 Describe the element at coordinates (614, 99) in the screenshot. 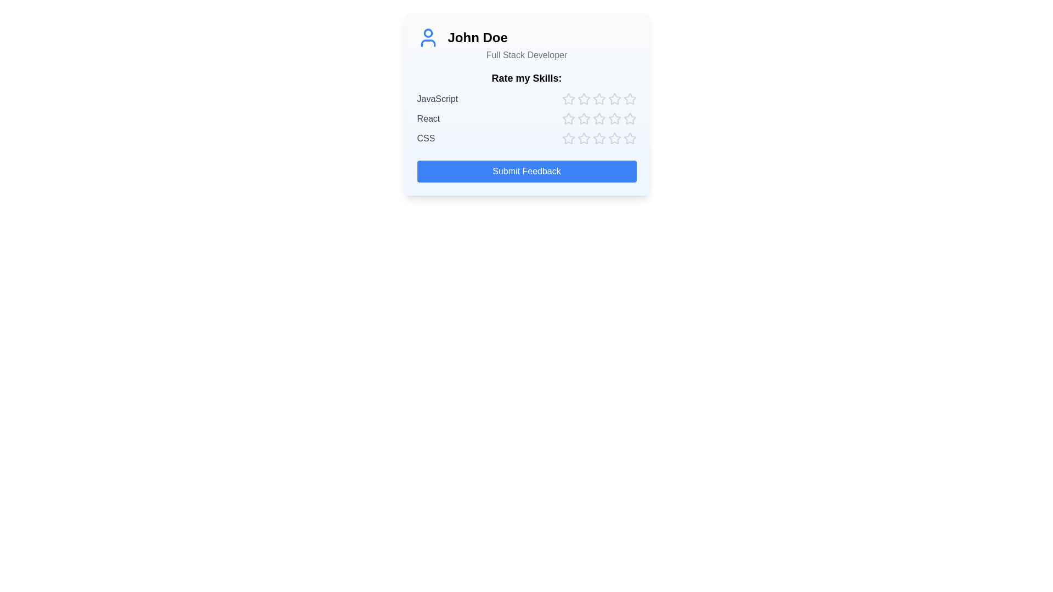

I see `the star corresponding to skill JavaScript and rating 4` at that location.